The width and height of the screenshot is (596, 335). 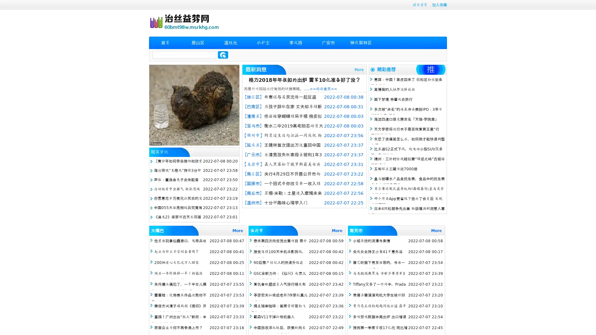 I want to click on Search, so click(x=223, y=55).